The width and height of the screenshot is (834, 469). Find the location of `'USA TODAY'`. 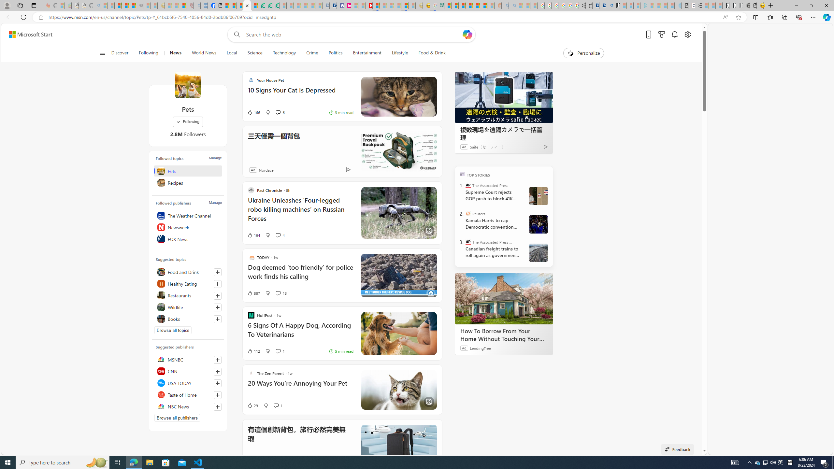

'USA TODAY' is located at coordinates (187, 383).